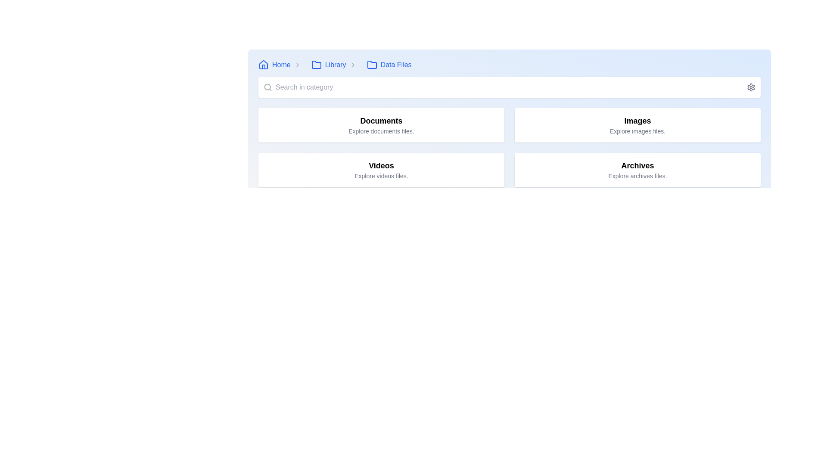 This screenshot has width=827, height=465. Describe the element at coordinates (267, 87) in the screenshot. I see `the circular portion of the SVG-based search icon located inside the navigation bar, which indicates the functionality of the search feature` at that location.